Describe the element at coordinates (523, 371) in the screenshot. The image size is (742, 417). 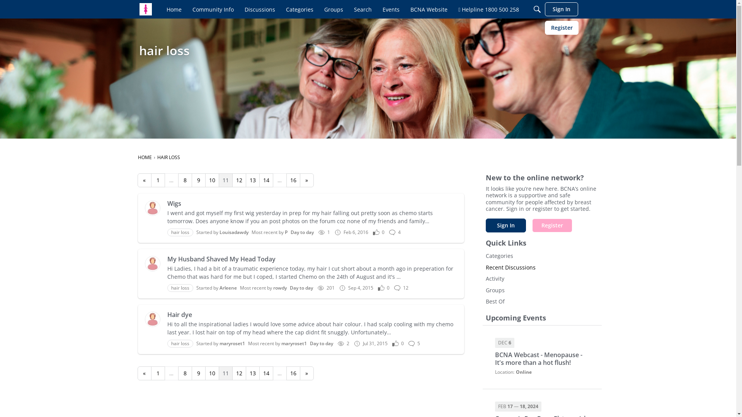
I see `'Online'` at that location.